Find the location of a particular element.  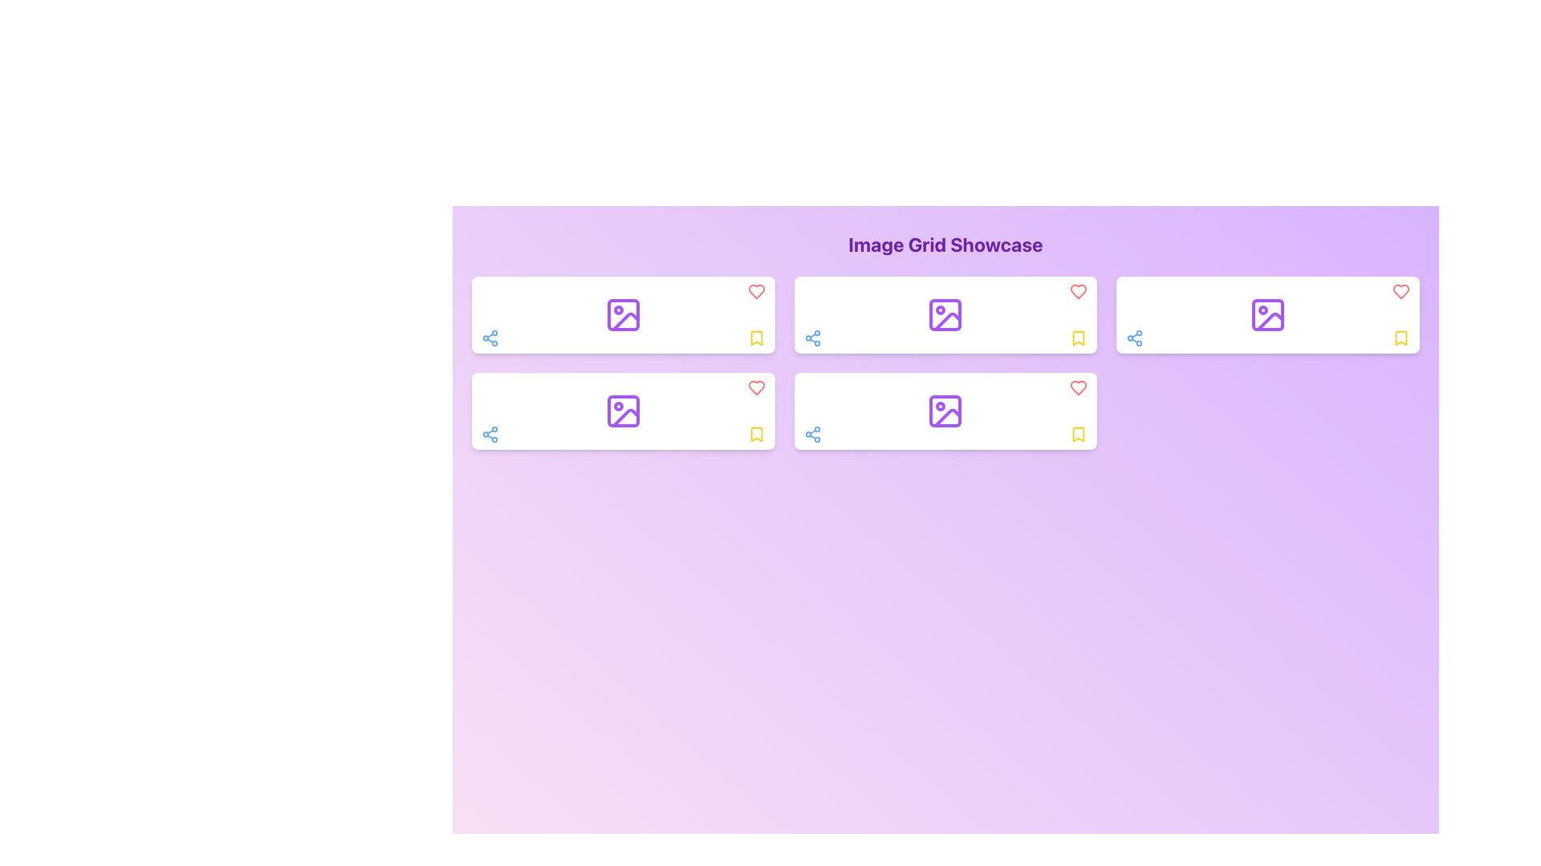

the icon representing an image or placeholder for image-related content located in the second row and third column of the grid layout is located at coordinates (945, 411).